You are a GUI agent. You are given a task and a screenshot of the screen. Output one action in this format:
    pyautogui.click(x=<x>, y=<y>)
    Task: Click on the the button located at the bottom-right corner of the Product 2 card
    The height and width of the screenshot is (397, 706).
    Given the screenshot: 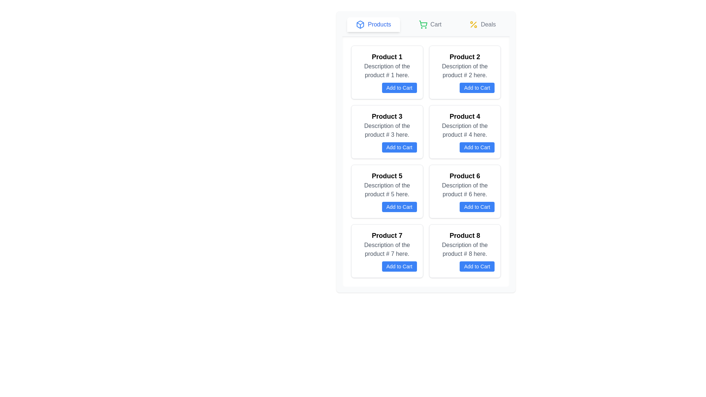 What is the action you would take?
    pyautogui.click(x=464, y=87)
    